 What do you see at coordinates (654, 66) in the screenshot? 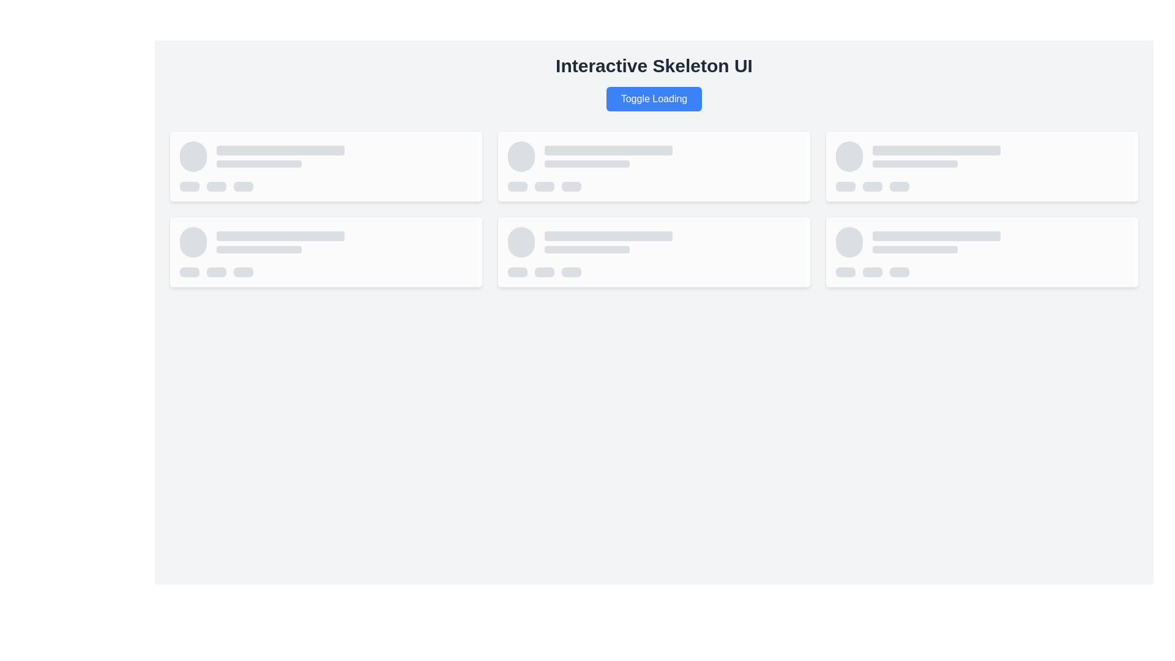
I see `the static text header located at the top of the interface, which serves as a title or heading for the section above the 'Toggle Loading' button` at bounding box center [654, 66].